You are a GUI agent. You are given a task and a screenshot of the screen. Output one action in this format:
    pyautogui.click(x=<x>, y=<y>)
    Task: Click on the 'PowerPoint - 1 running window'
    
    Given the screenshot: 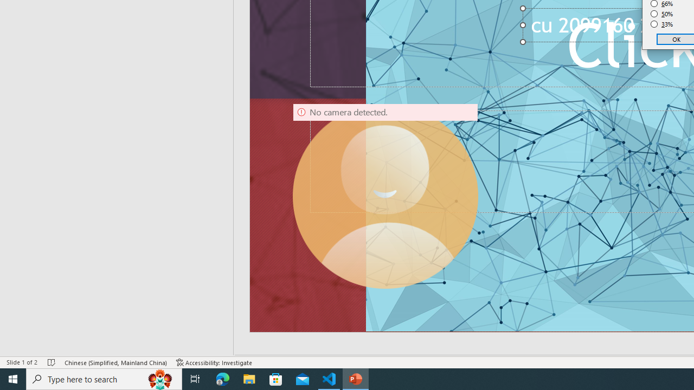 What is the action you would take?
    pyautogui.click(x=356, y=378)
    